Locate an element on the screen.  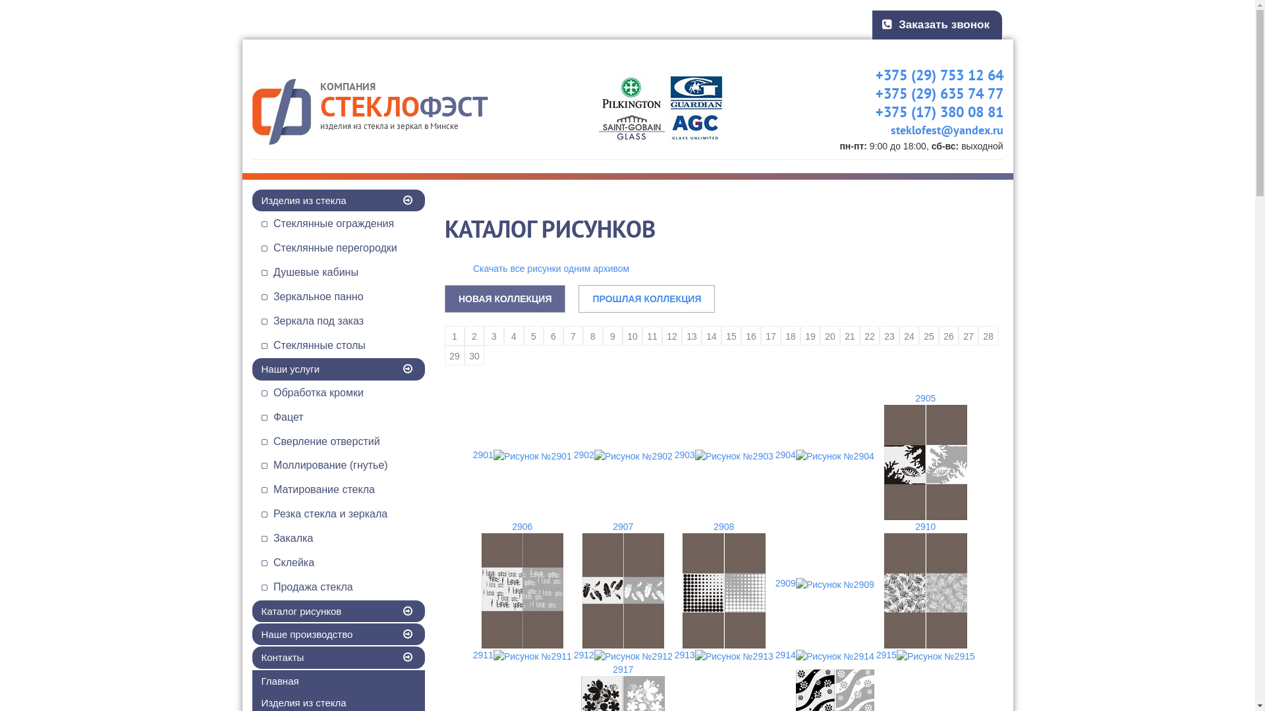
'3' is located at coordinates (483, 334).